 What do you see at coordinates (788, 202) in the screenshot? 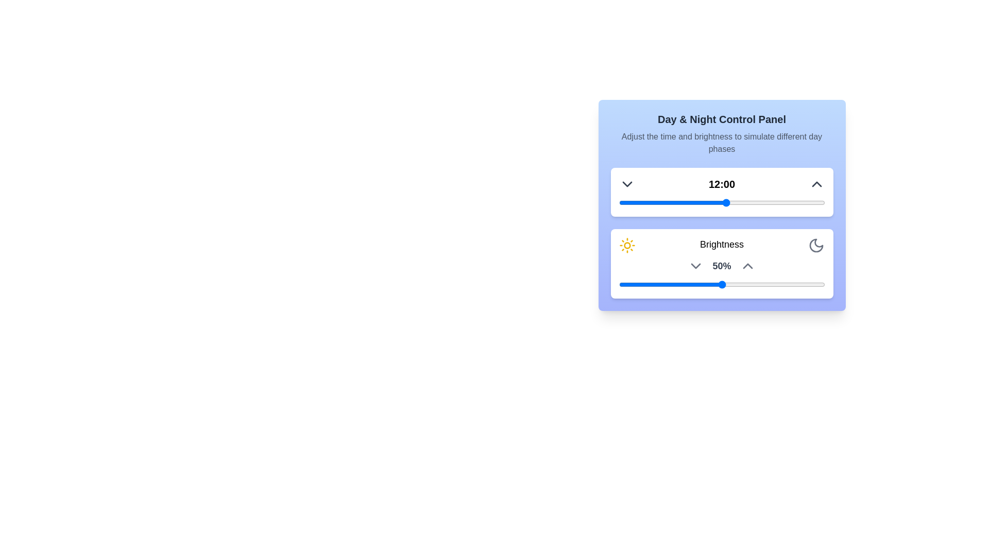
I see `time` at bounding box center [788, 202].